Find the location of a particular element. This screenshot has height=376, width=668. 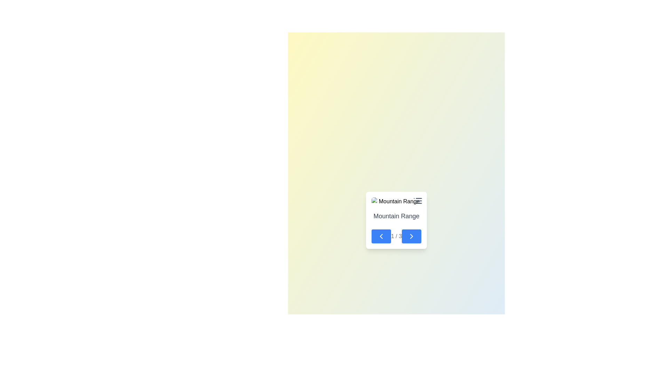

the chevron icon on the button located at the bottom right of the card overlay is located at coordinates (412, 236).